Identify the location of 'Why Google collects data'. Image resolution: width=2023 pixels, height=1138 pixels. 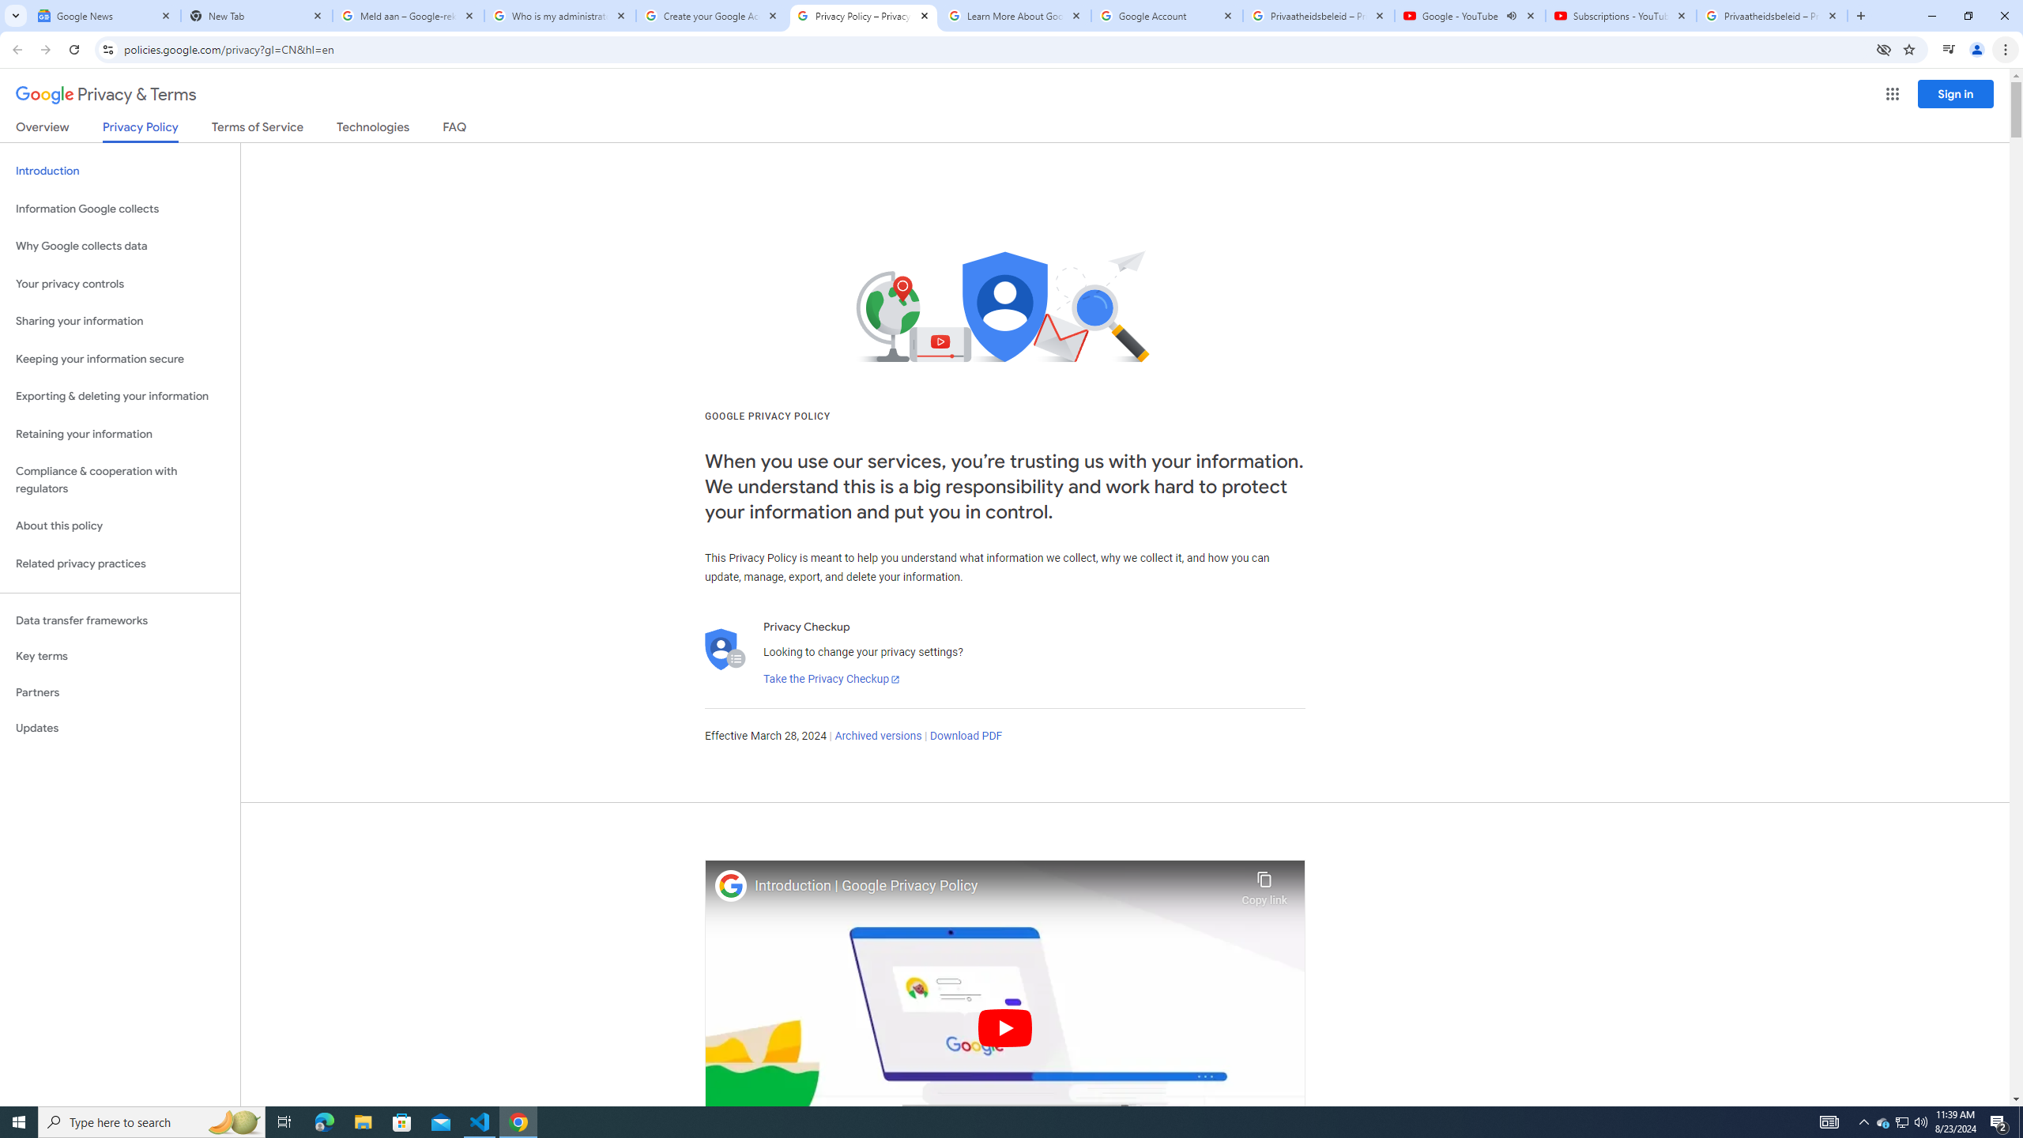
(119, 245).